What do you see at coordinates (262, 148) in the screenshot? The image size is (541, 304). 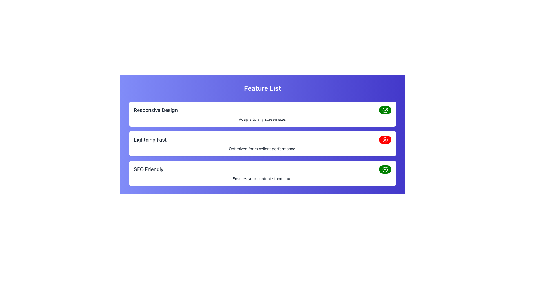 I see `the text label stating 'Optimized for excellent performance.' which is located beneath the header 'Lightning Fast' in the second feature card to focus on it` at bounding box center [262, 148].